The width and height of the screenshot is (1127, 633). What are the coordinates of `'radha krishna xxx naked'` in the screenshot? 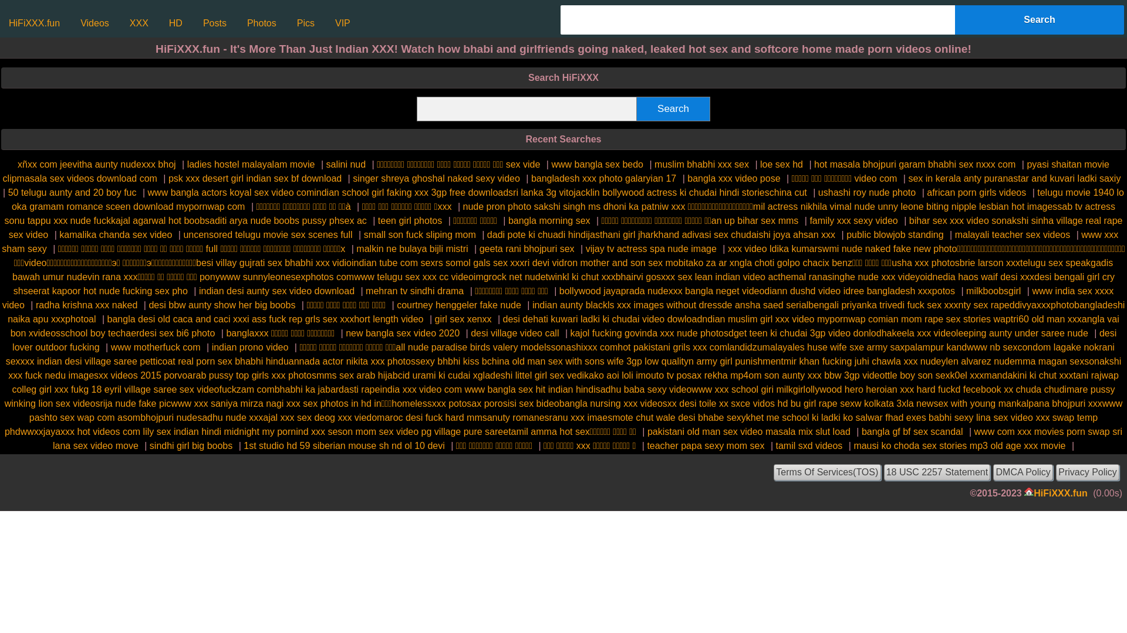 It's located at (86, 304).